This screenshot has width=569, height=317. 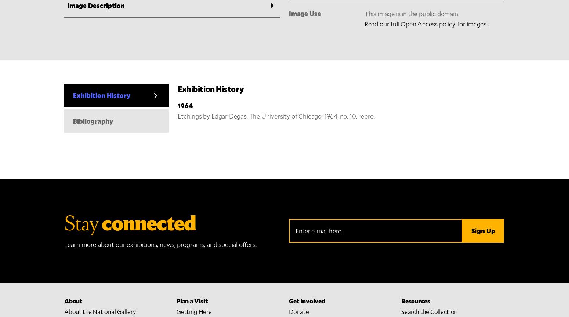 What do you see at coordinates (429, 100) in the screenshot?
I see `'Search the Collection'` at bounding box center [429, 100].